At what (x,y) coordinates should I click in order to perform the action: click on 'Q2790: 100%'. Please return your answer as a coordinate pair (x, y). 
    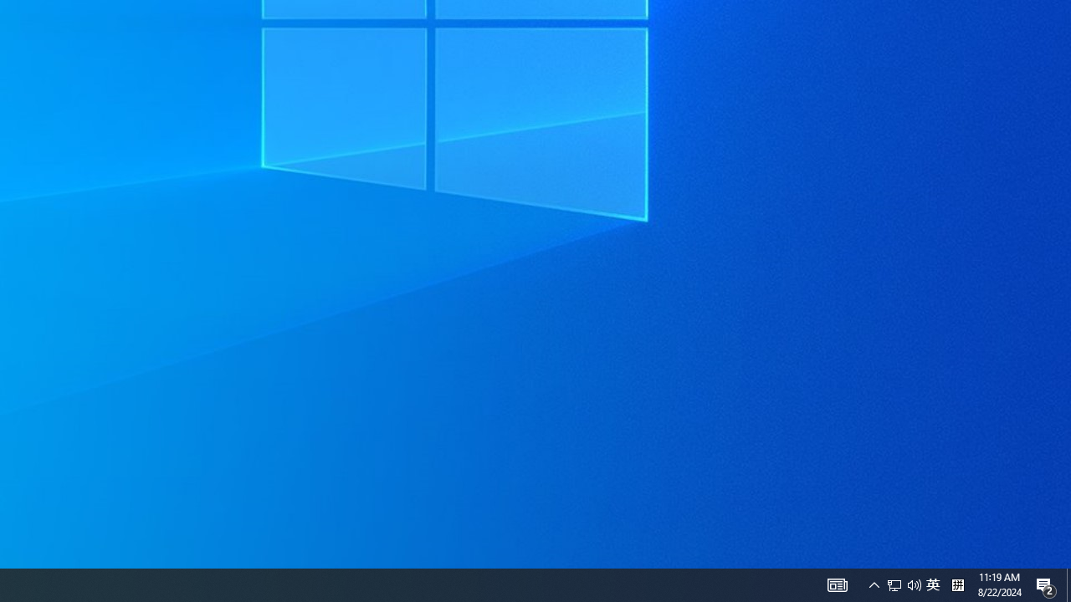
    Looking at the image, I should click on (874, 584).